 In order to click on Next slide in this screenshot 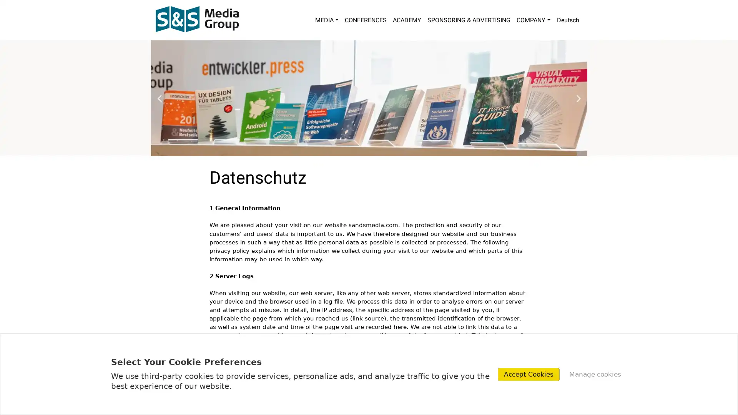, I will do `click(578, 98)`.